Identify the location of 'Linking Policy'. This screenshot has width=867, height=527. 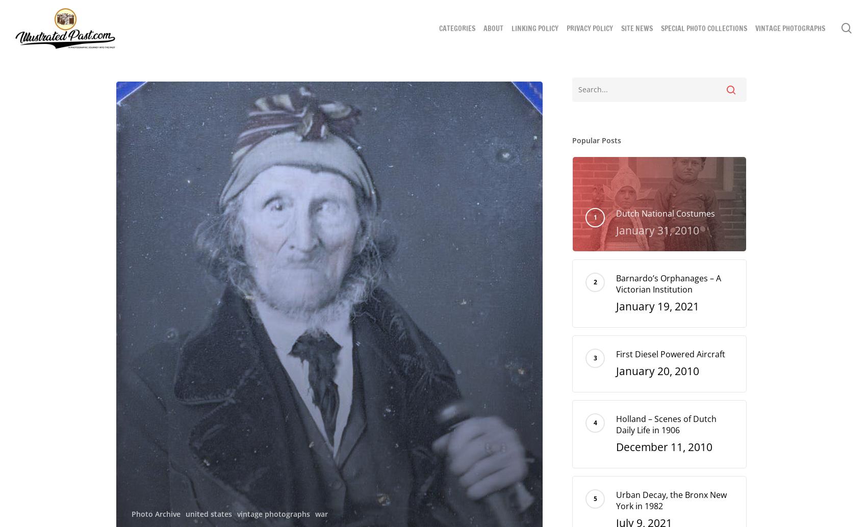
(511, 29).